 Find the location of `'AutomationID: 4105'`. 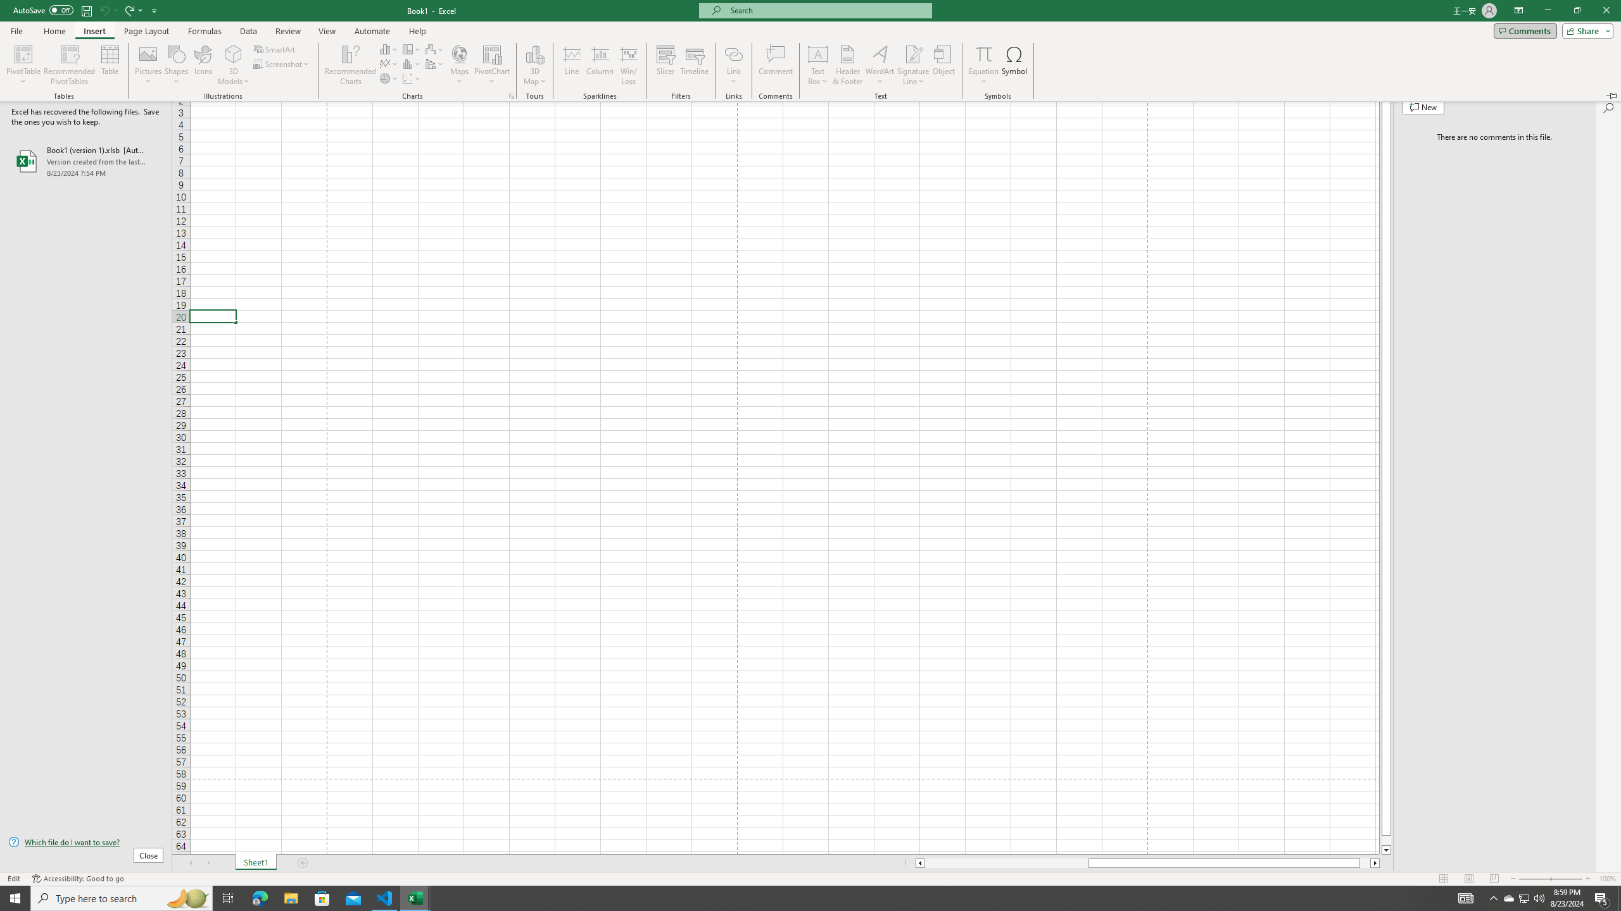

'AutomationID: 4105' is located at coordinates (1508, 897).